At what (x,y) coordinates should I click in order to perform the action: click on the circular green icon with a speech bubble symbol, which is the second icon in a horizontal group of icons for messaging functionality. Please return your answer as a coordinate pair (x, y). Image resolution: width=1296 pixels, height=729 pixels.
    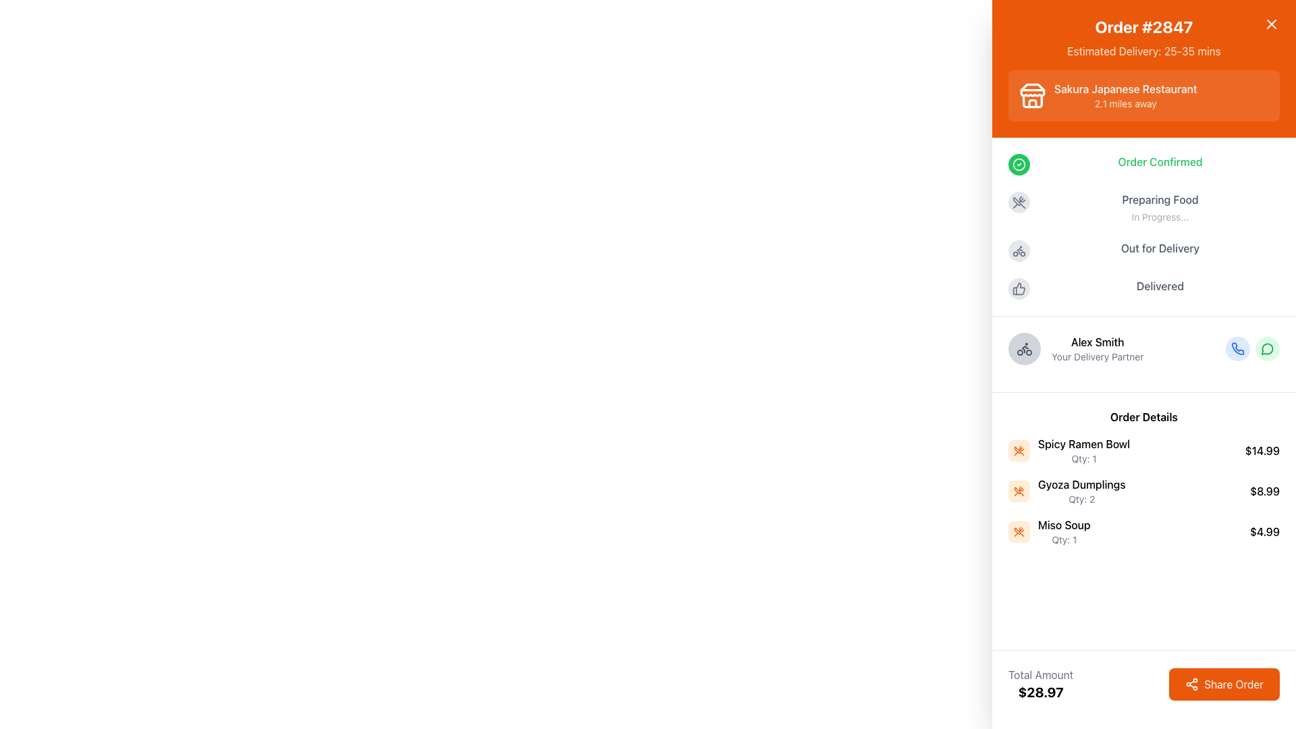
    Looking at the image, I should click on (1266, 348).